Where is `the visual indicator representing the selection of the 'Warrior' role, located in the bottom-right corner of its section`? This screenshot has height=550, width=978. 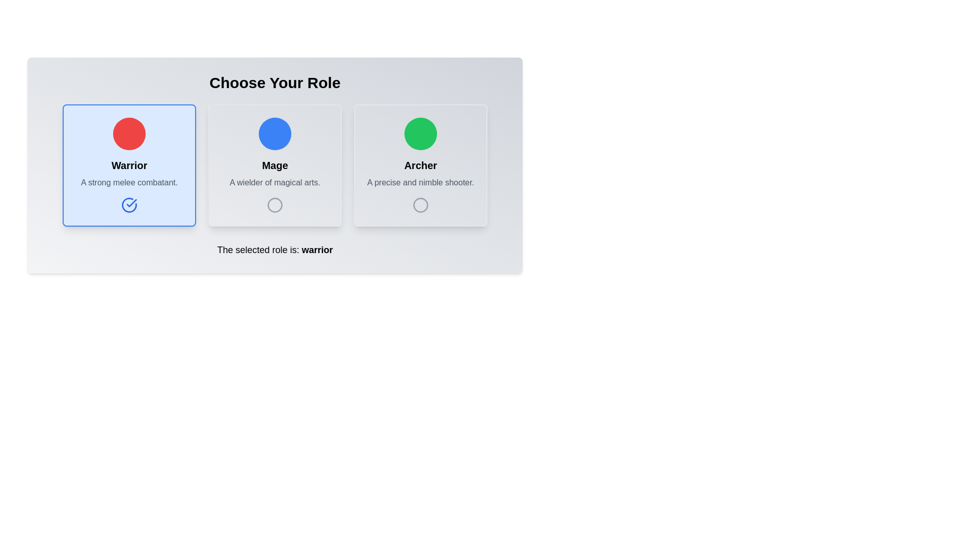 the visual indicator representing the selection of the 'Warrior' role, located in the bottom-right corner of its section is located at coordinates (129, 205).